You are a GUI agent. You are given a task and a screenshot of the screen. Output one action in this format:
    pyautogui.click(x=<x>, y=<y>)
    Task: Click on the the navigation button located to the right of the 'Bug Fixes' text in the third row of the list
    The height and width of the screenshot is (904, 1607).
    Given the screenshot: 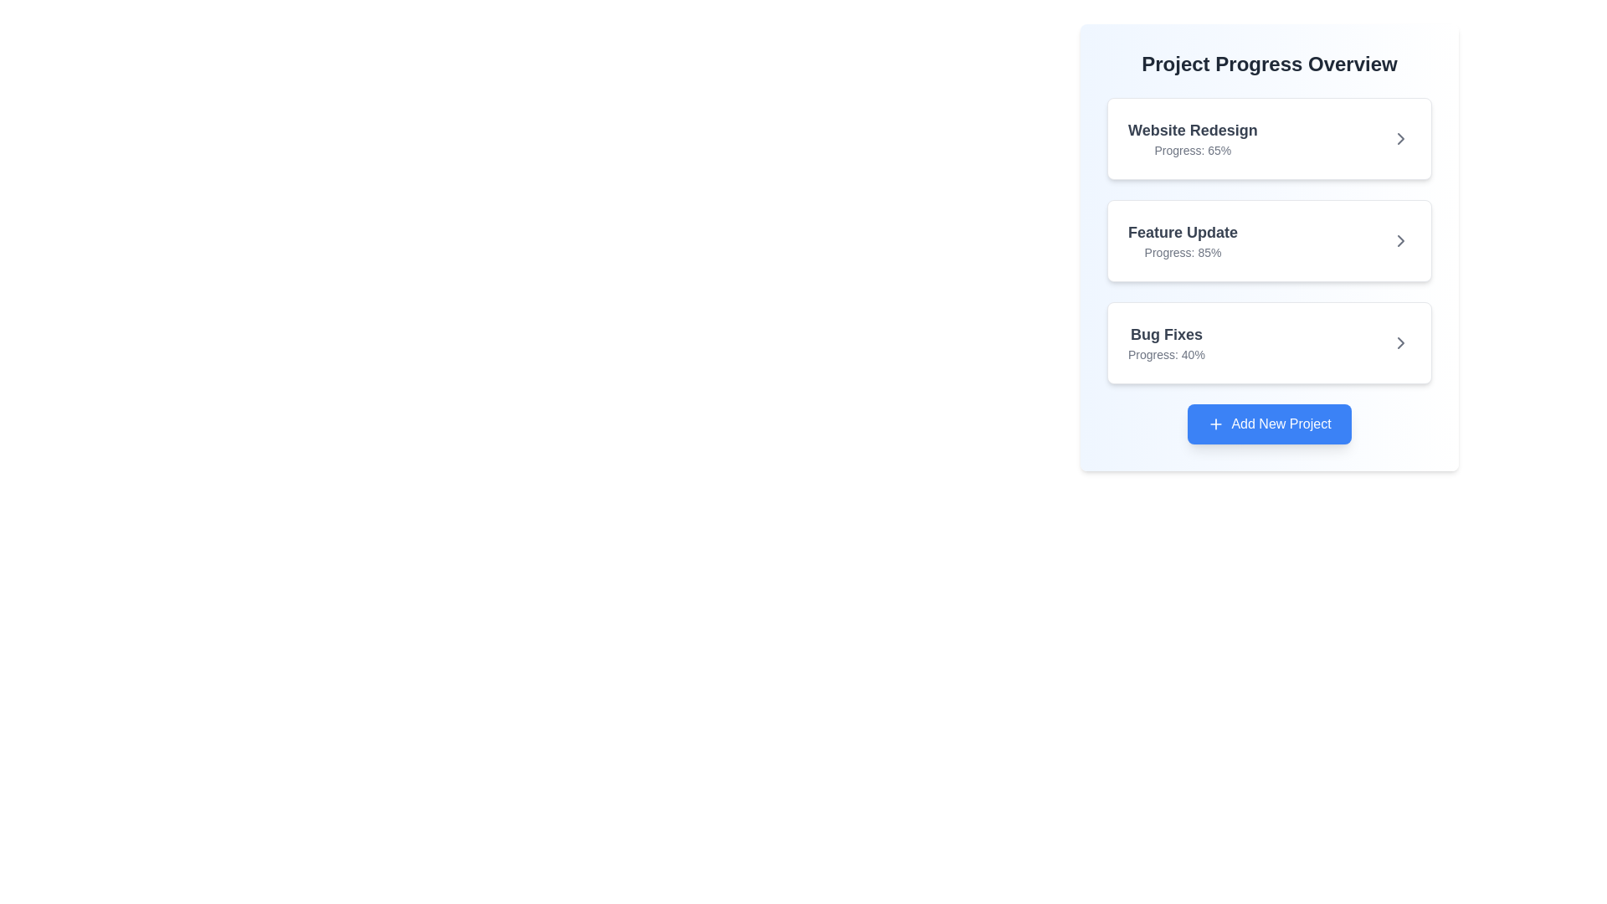 What is the action you would take?
    pyautogui.click(x=1401, y=342)
    